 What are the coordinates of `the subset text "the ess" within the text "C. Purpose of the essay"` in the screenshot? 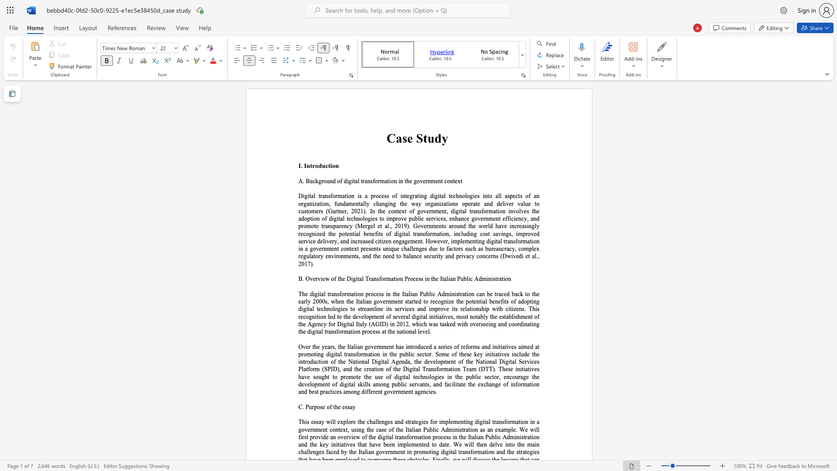 It's located at (333, 407).